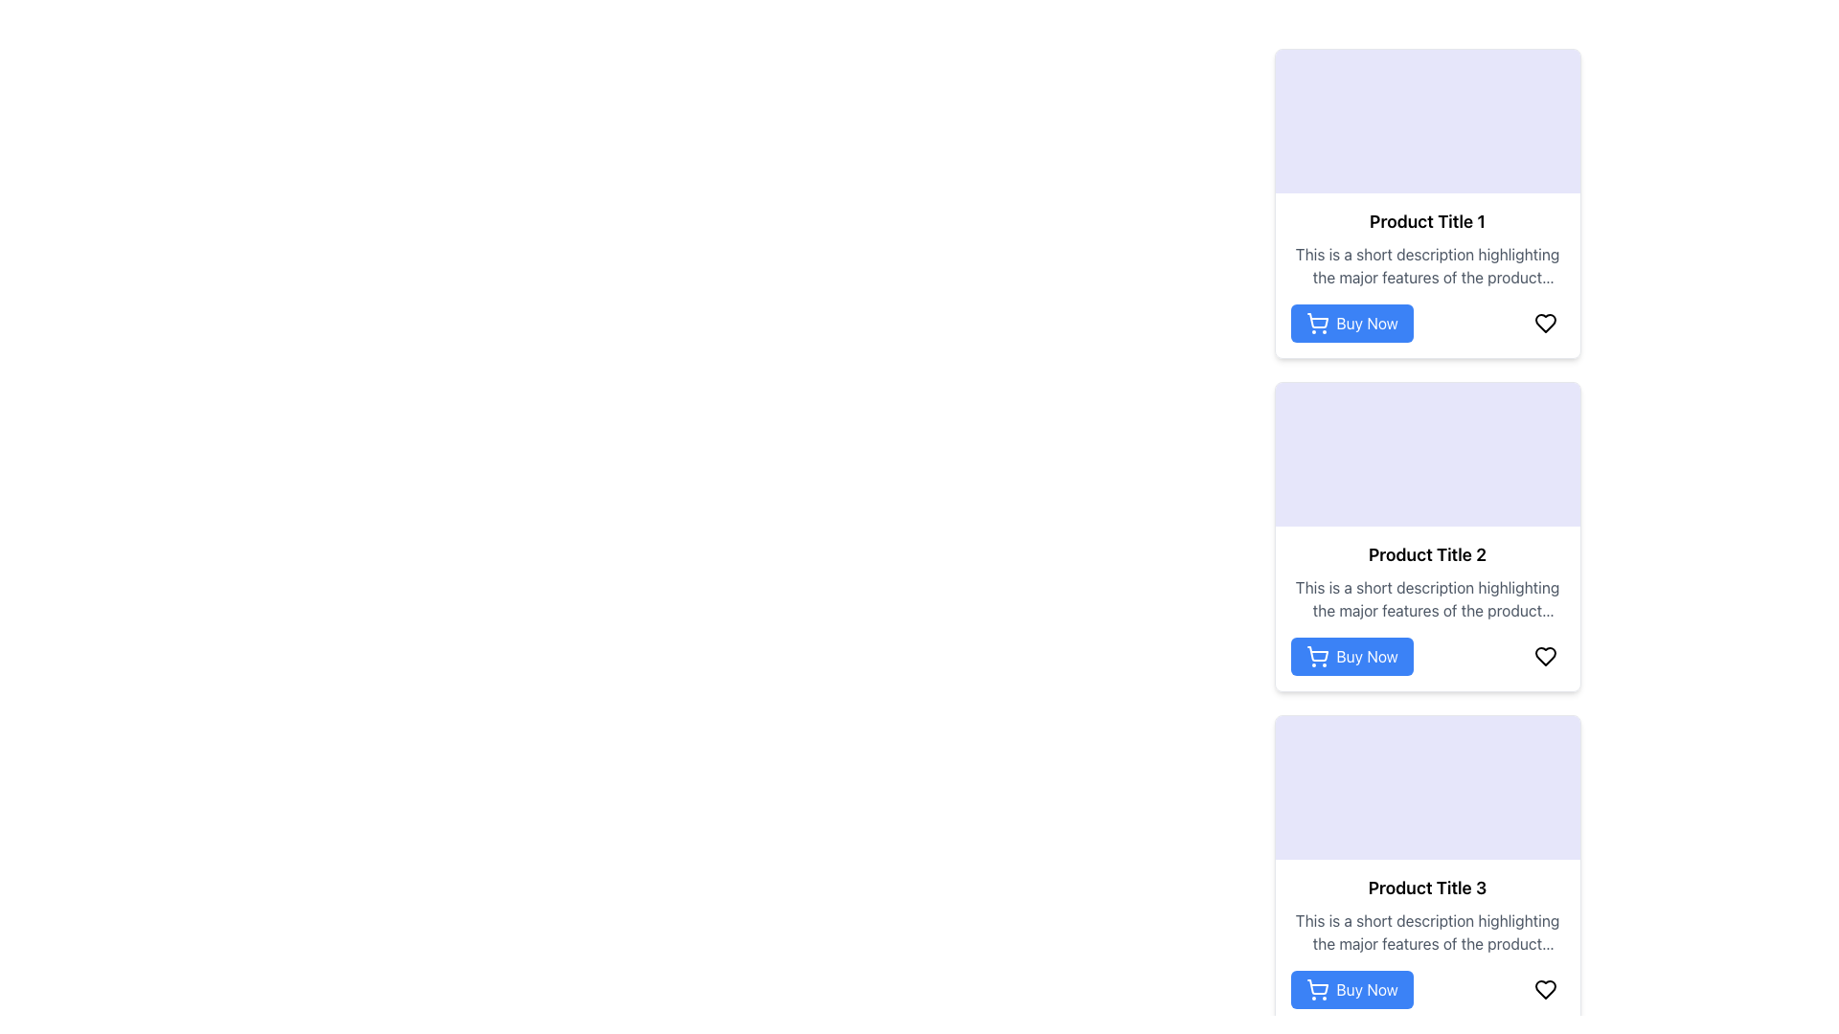 This screenshot has height=1034, width=1839. Describe the element at coordinates (1545, 989) in the screenshot. I see `the heart icon located at the bottom-right corner of the 'Product Title 3' card to mark the product as favorite` at that location.